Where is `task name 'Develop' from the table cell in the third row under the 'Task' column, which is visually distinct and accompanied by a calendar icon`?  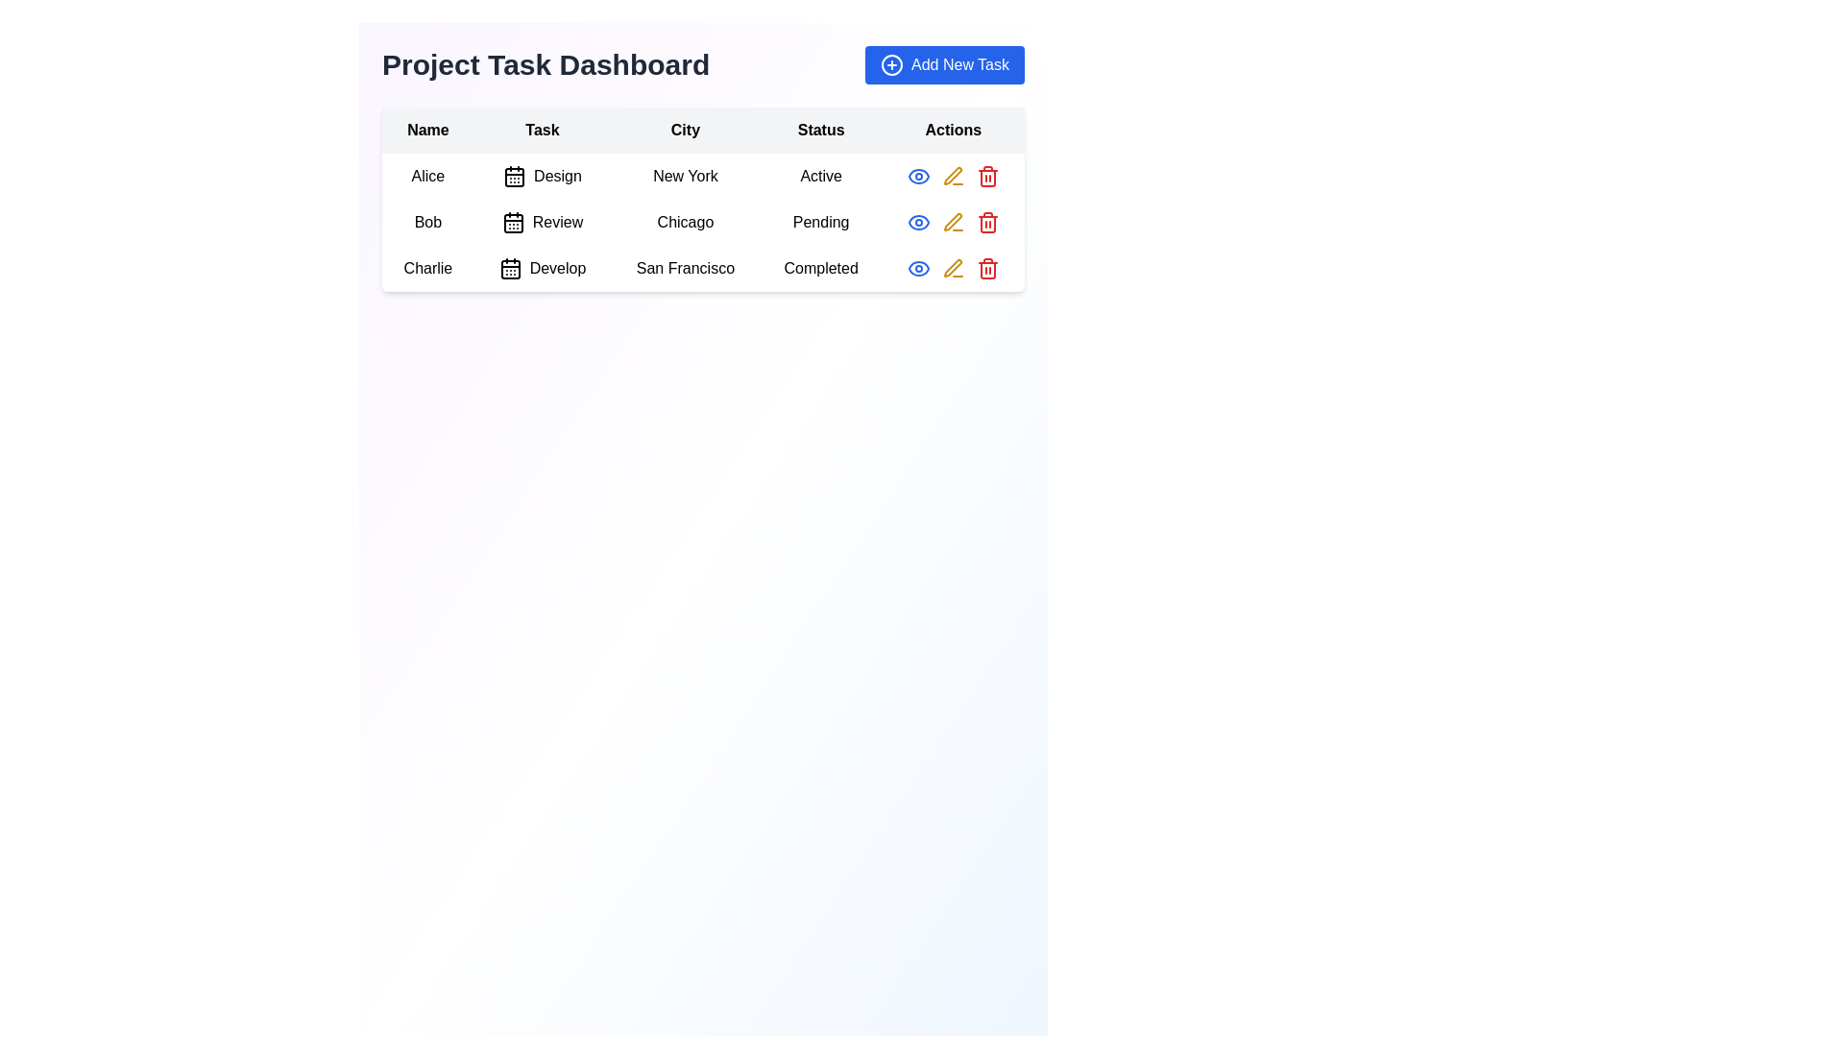 task name 'Develop' from the table cell in the third row under the 'Task' column, which is visually distinct and accompanied by a calendar icon is located at coordinates (542, 269).